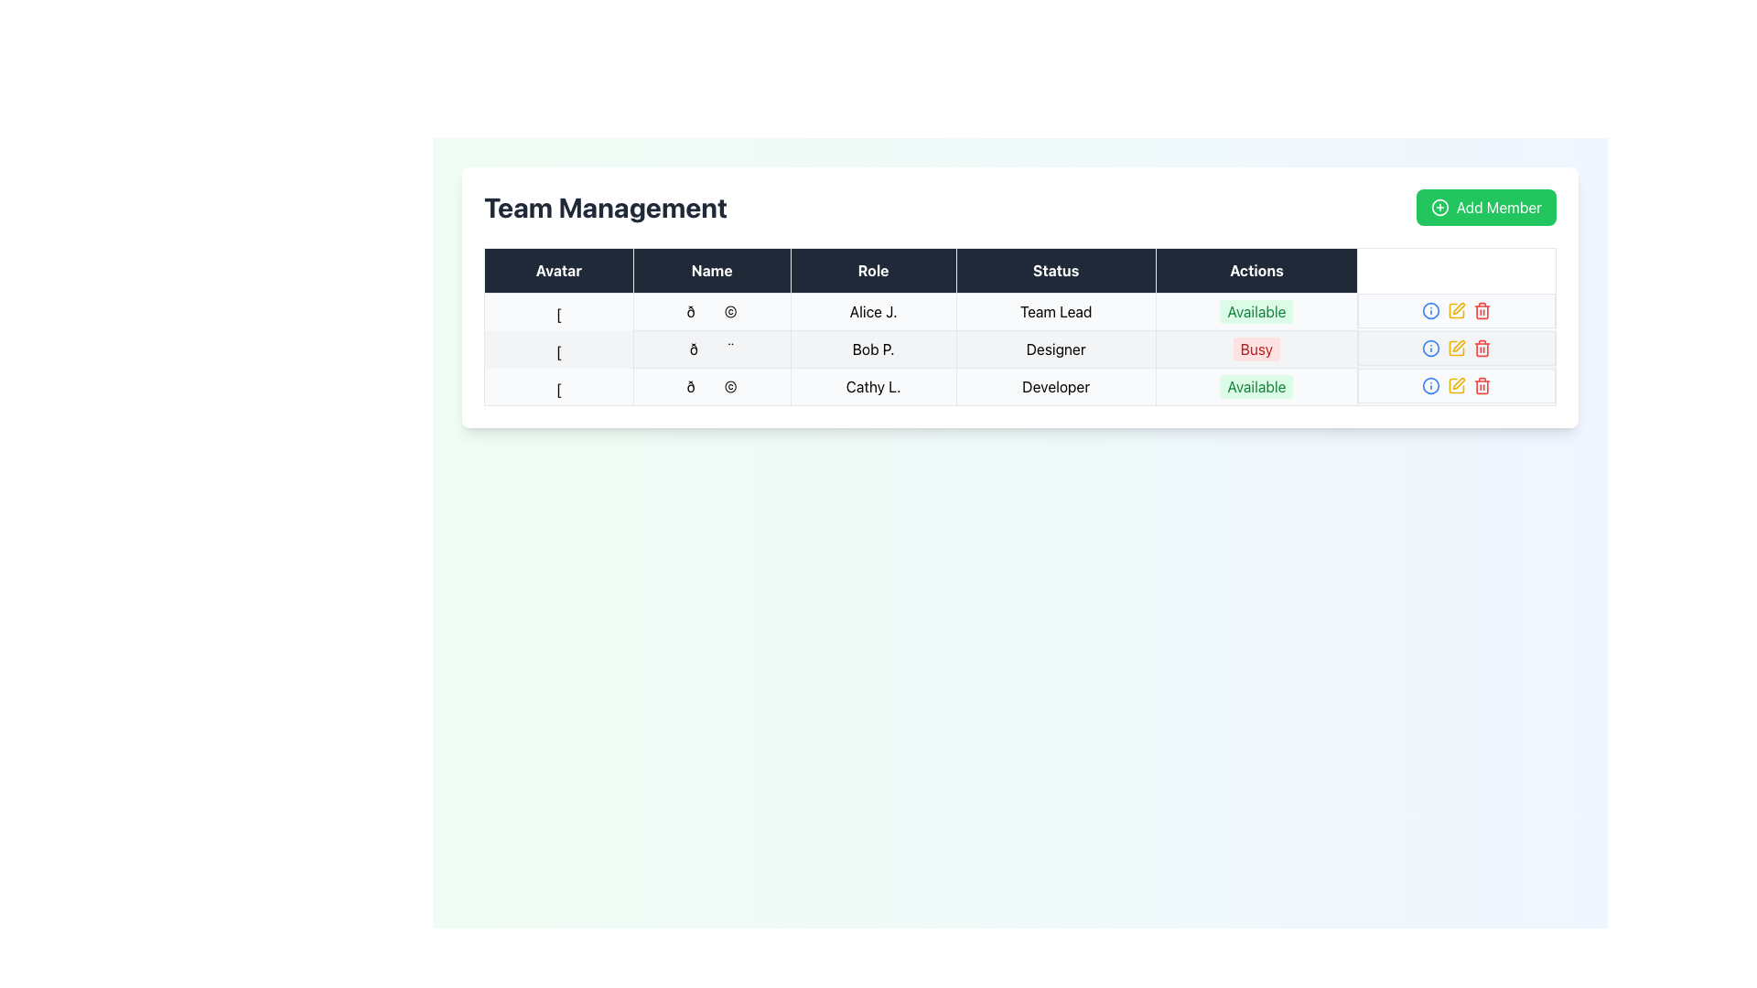 The height and width of the screenshot is (988, 1757). I want to click on the yellow pencil icon button in the 'Actions' column of the second row to change its color shade, so click(1456, 309).